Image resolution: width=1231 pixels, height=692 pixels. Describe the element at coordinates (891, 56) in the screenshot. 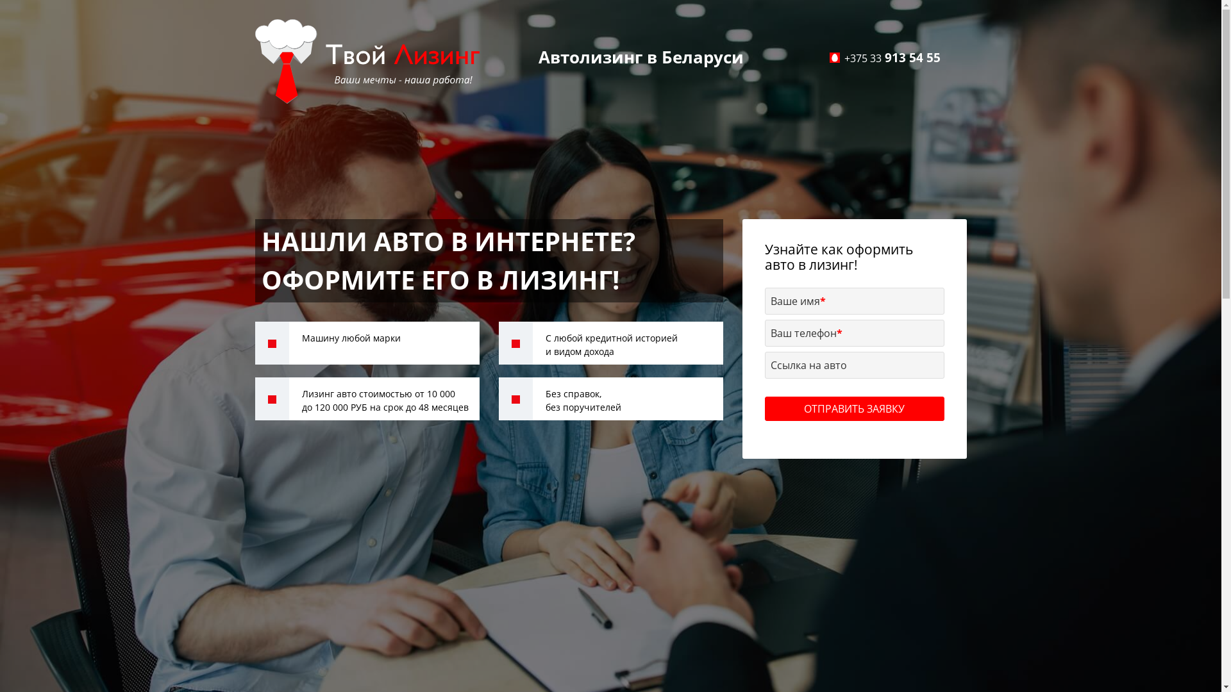

I see `'+375 33 913 54 55'` at that location.